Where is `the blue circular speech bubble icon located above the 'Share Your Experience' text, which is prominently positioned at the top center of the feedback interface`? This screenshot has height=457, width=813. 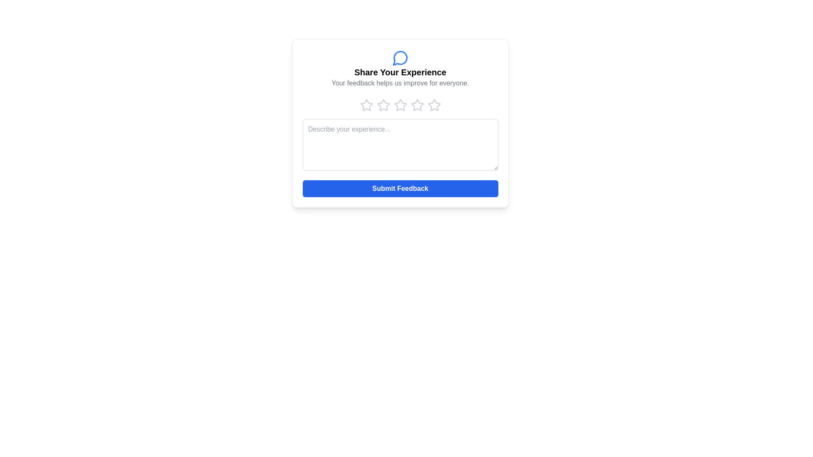
the blue circular speech bubble icon located above the 'Share Your Experience' text, which is prominently positioned at the top center of the feedback interface is located at coordinates (400, 58).